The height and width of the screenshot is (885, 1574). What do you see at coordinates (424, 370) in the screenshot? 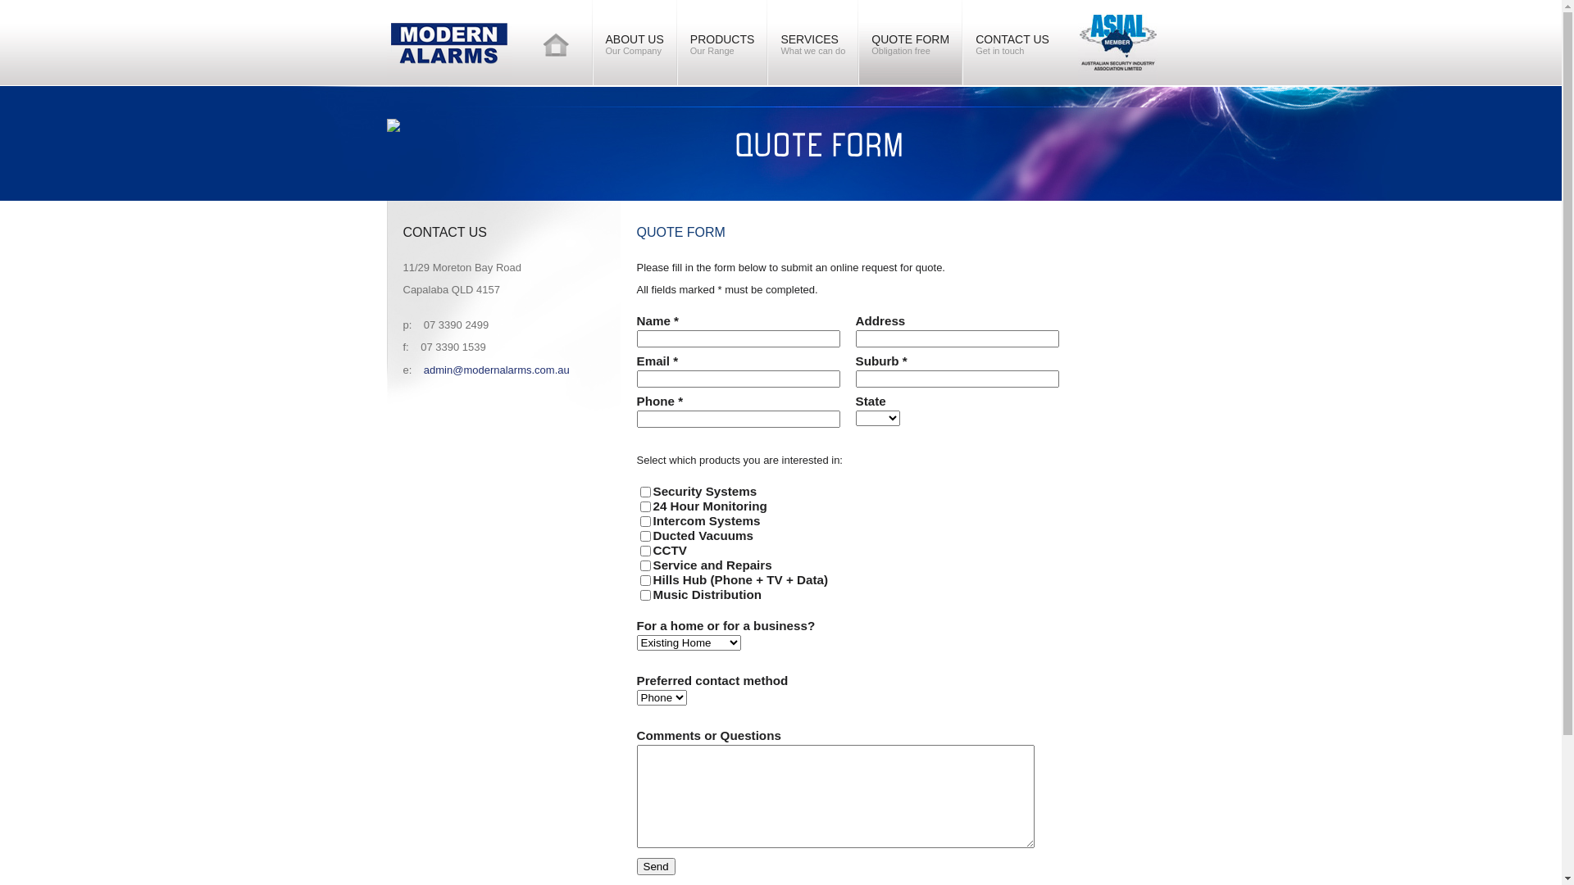
I see `'admin@modernalarms.com.au'` at bounding box center [424, 370].